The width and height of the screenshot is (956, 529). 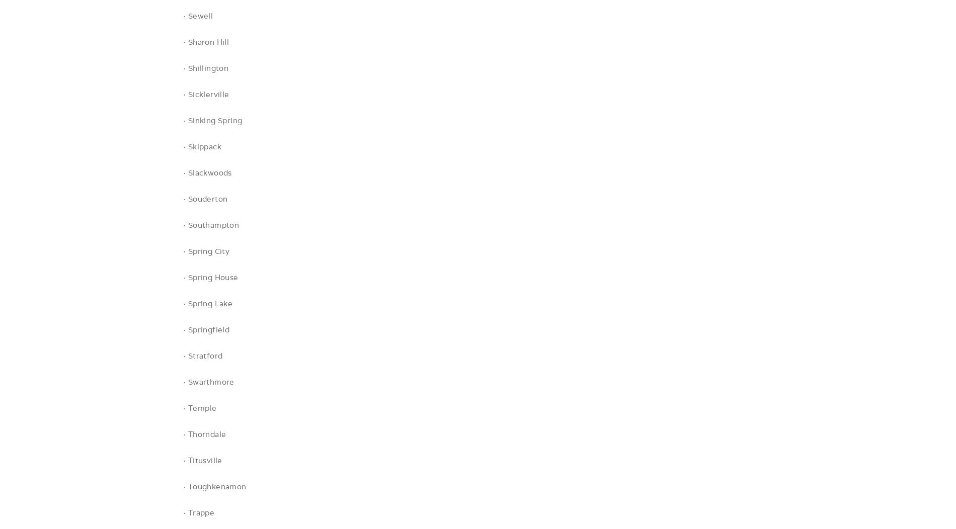 What do you see at coordinates (211, 225) in the screenshot?
I see `'· Southampton'` at bounding box center [211, 225].